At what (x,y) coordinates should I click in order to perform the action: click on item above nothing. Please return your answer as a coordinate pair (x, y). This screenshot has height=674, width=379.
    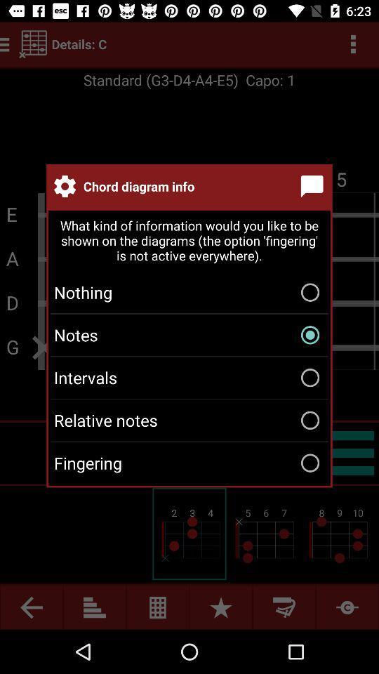
    Looking at the image, I should click on (189, 242).